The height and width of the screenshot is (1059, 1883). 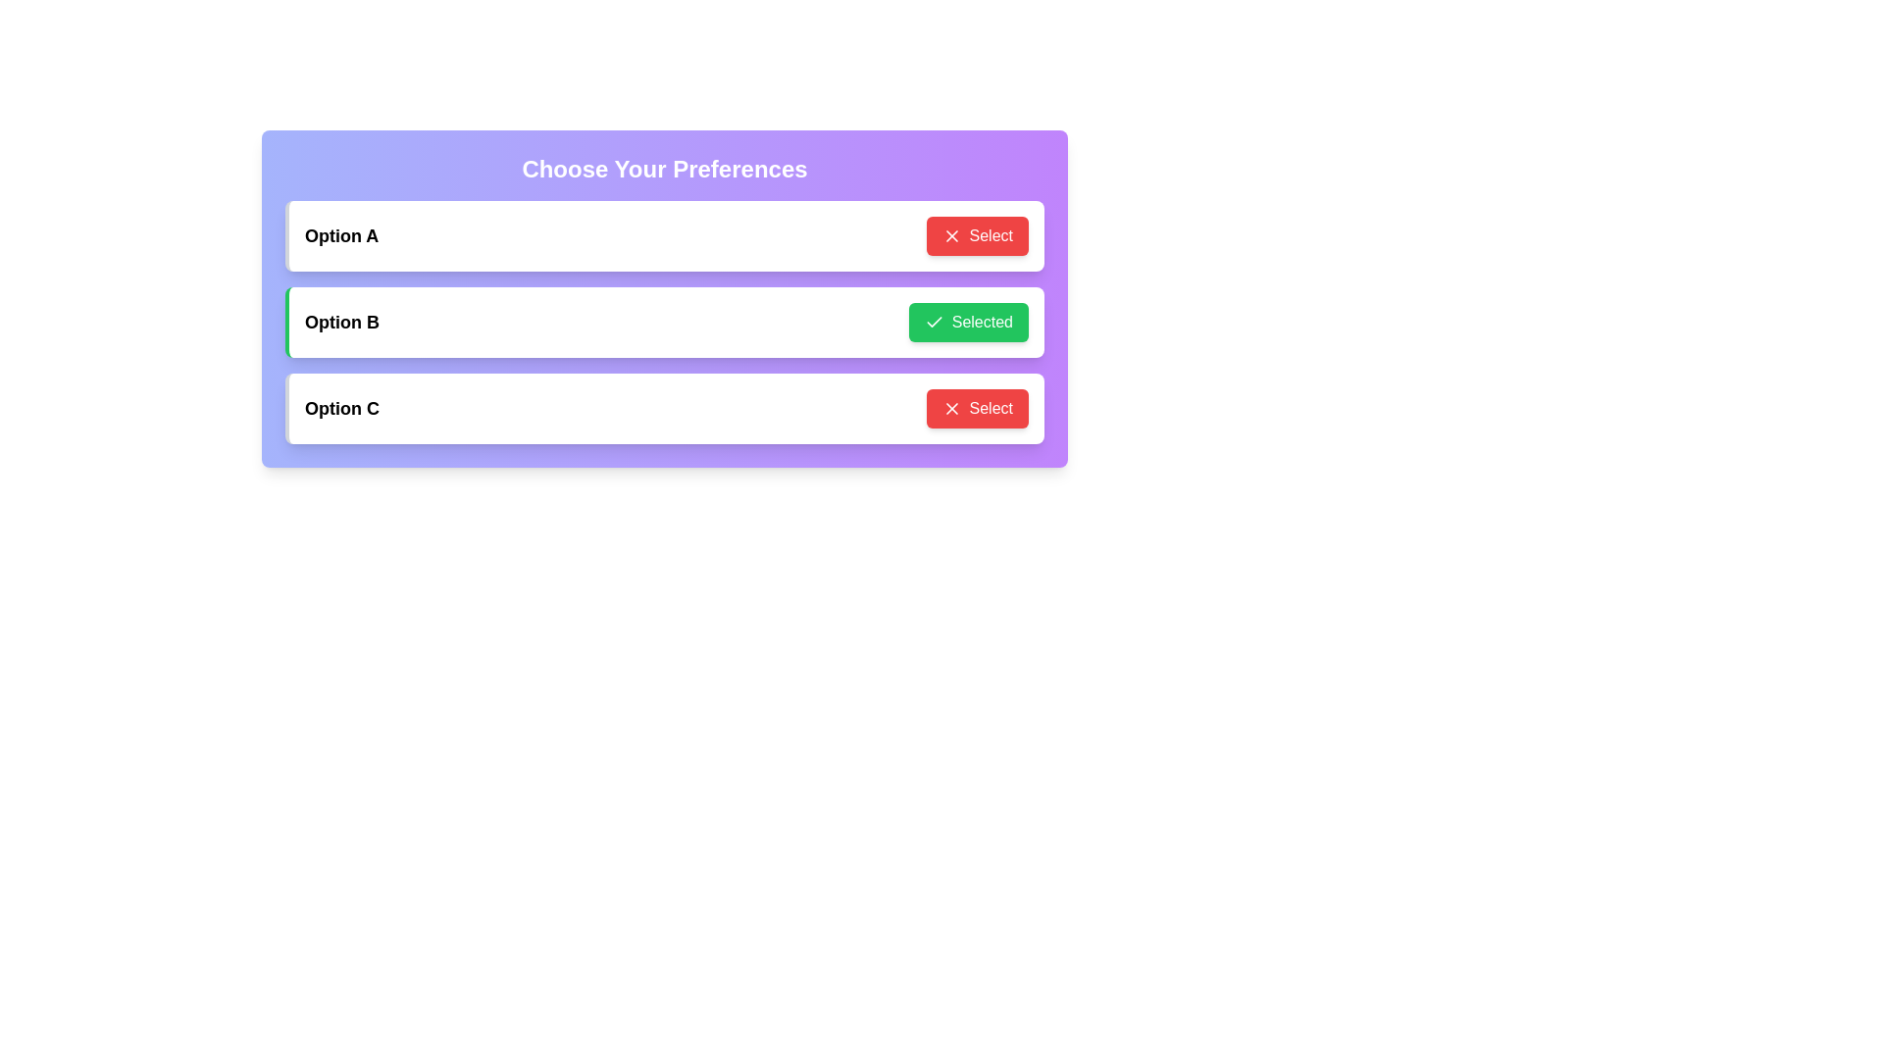 I want to click on the list item corresponding to Option C to observe its hover animation, so click(x=664, y=407).